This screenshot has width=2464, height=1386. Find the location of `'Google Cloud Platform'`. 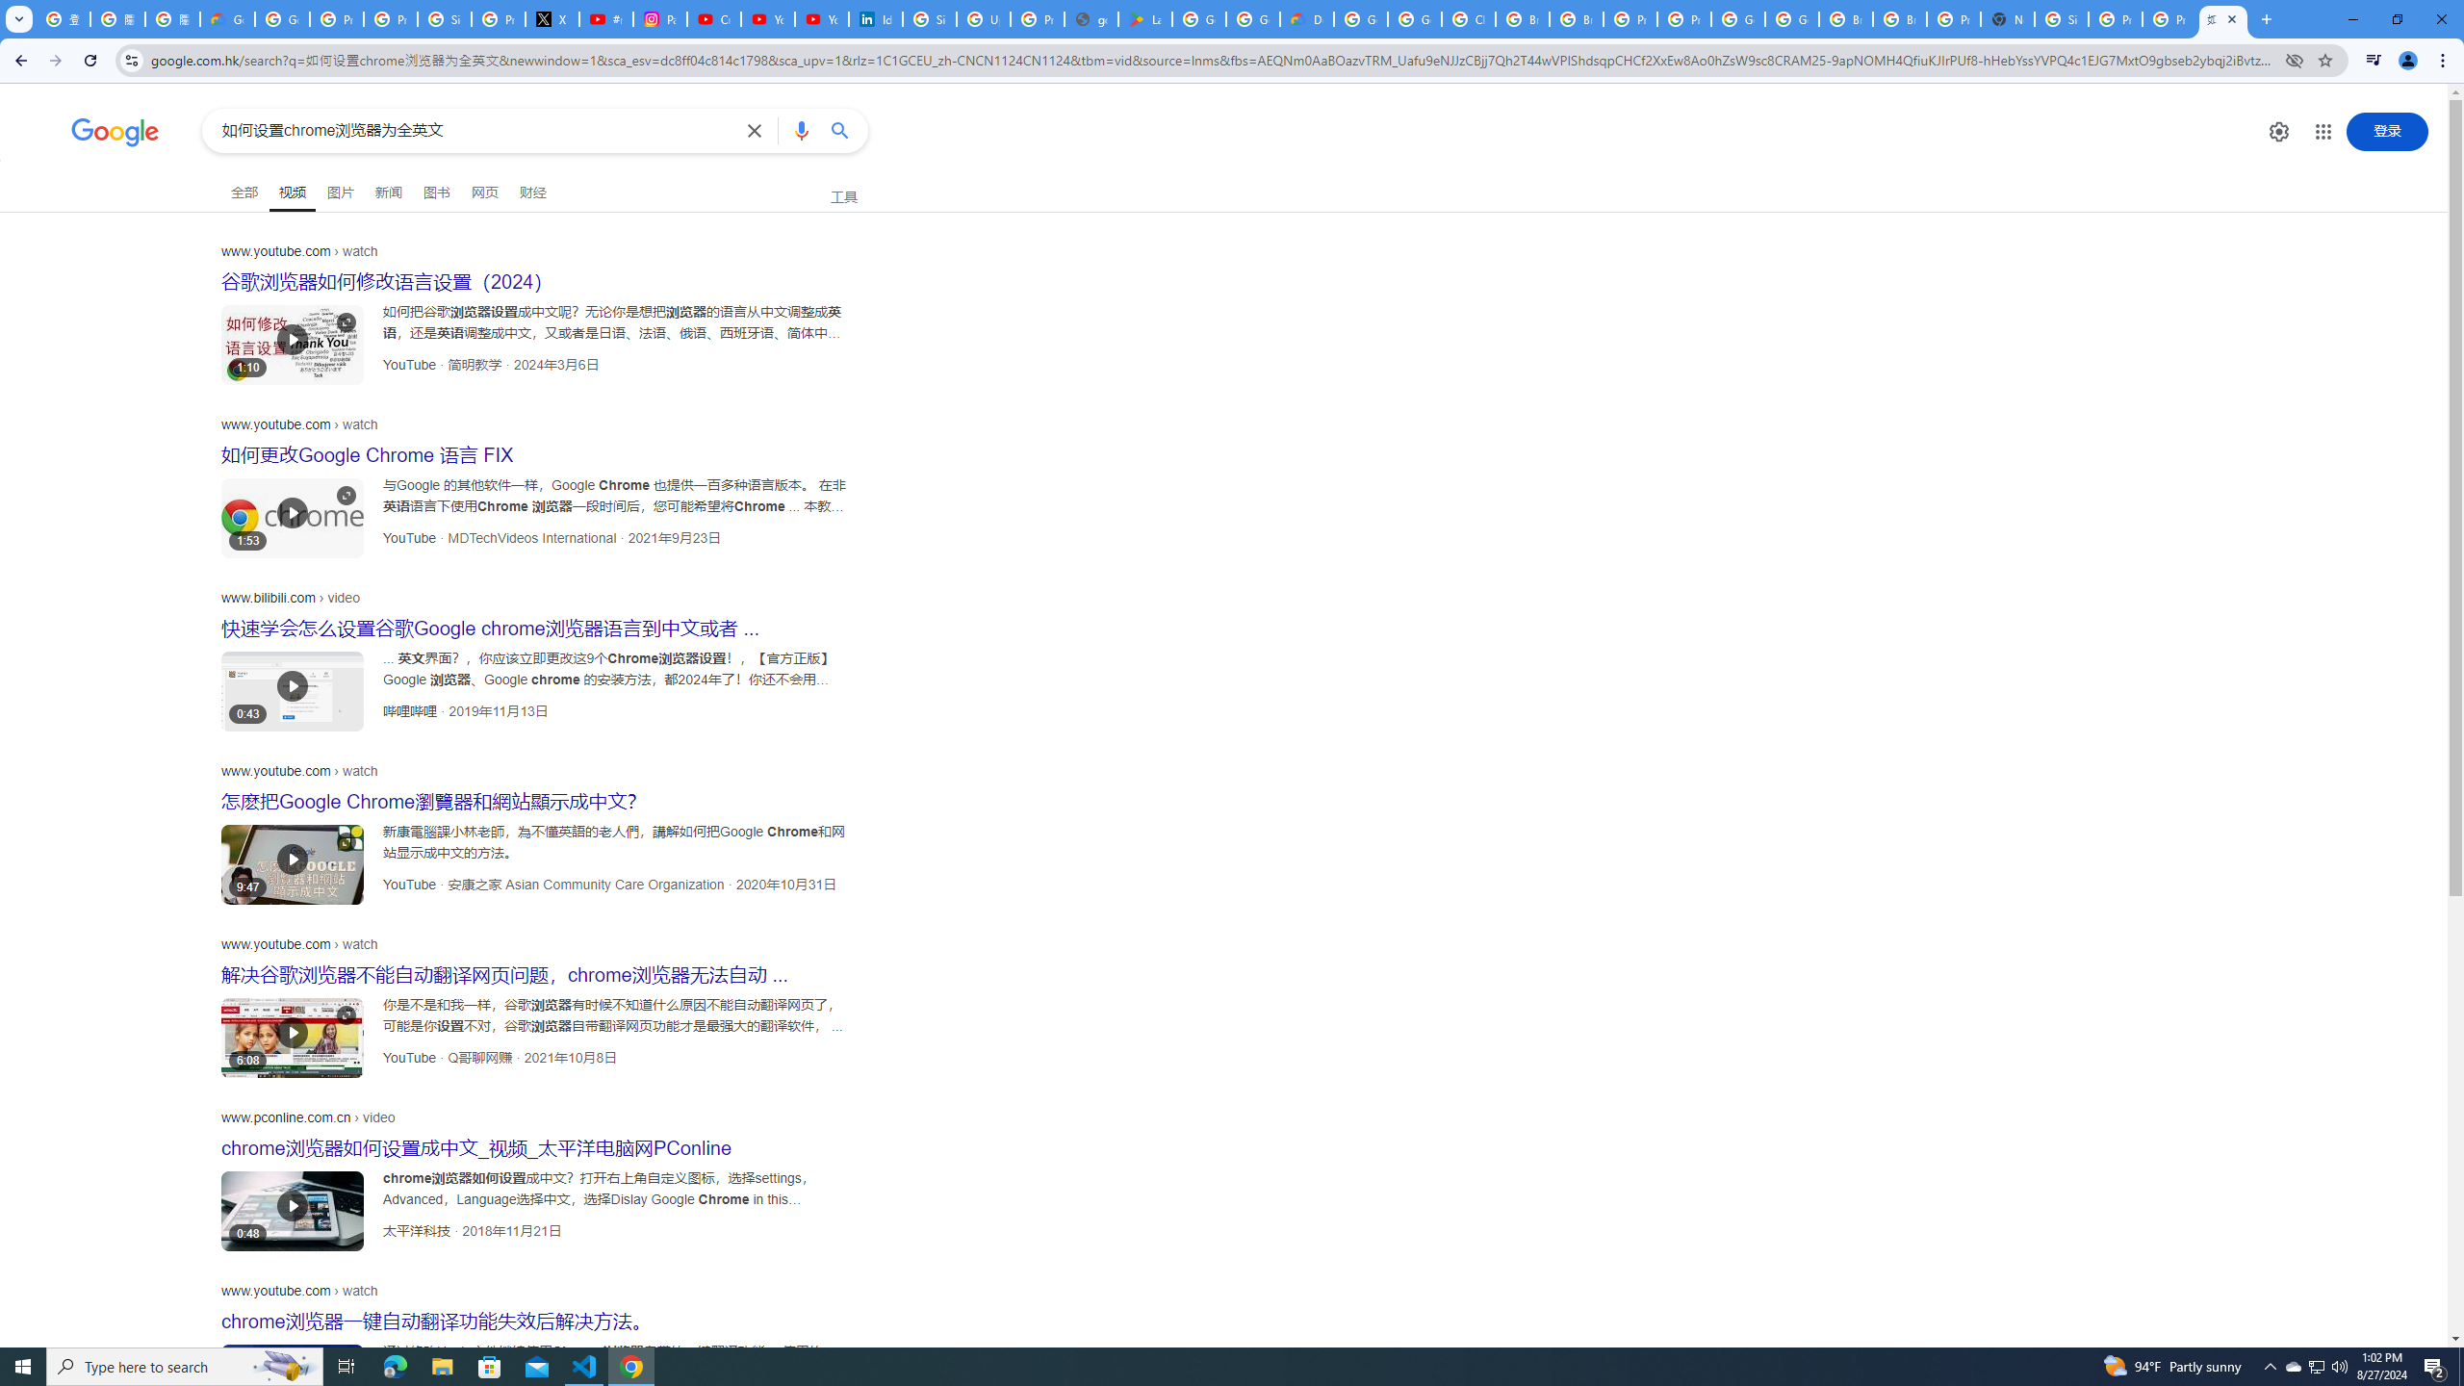

'Google Cloud Platform' is located at coordinates (1737, 18).